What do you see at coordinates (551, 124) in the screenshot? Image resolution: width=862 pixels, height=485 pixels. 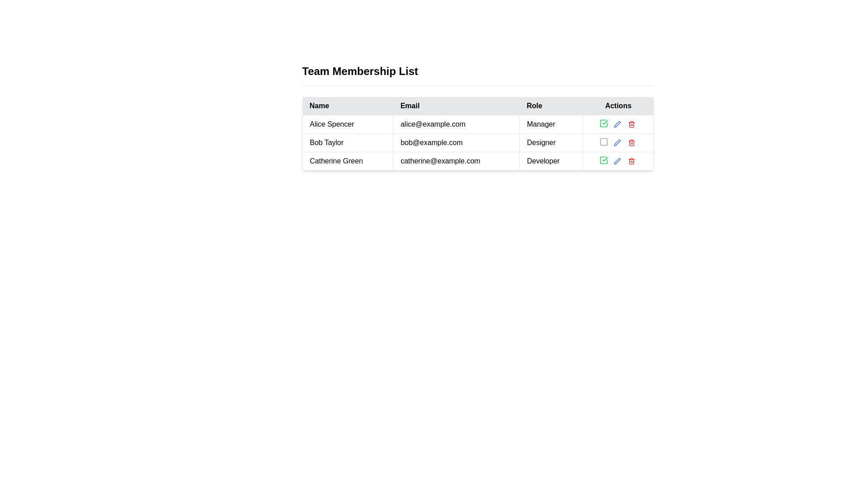 I see `the Text Display element that shows the role of the person in the table, located in the third column of the first row under the 'Role' header, adjacent to the 'Email' column with 'alice@example.com'` at bounding box center [551, 124].